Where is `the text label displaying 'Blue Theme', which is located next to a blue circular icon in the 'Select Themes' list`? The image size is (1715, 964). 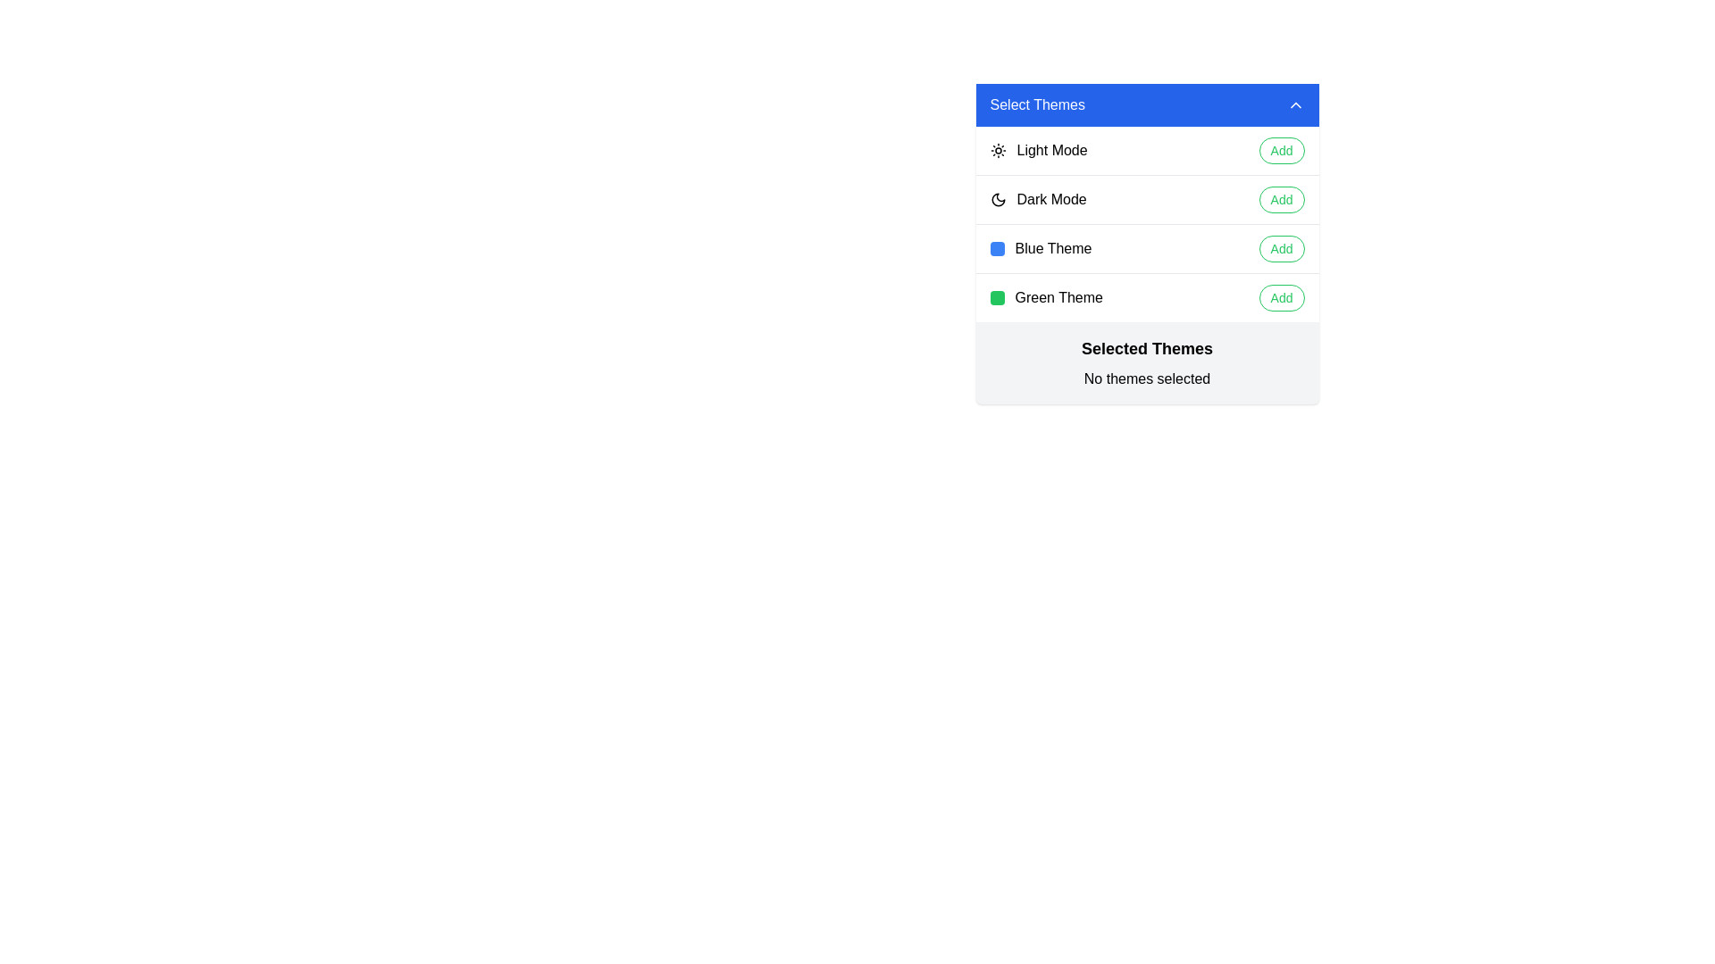 the text label displaying 'Blue Theme', which is located next to a blue circular icon in the 'Select Themes' list is located at coordinates (1053, 248).